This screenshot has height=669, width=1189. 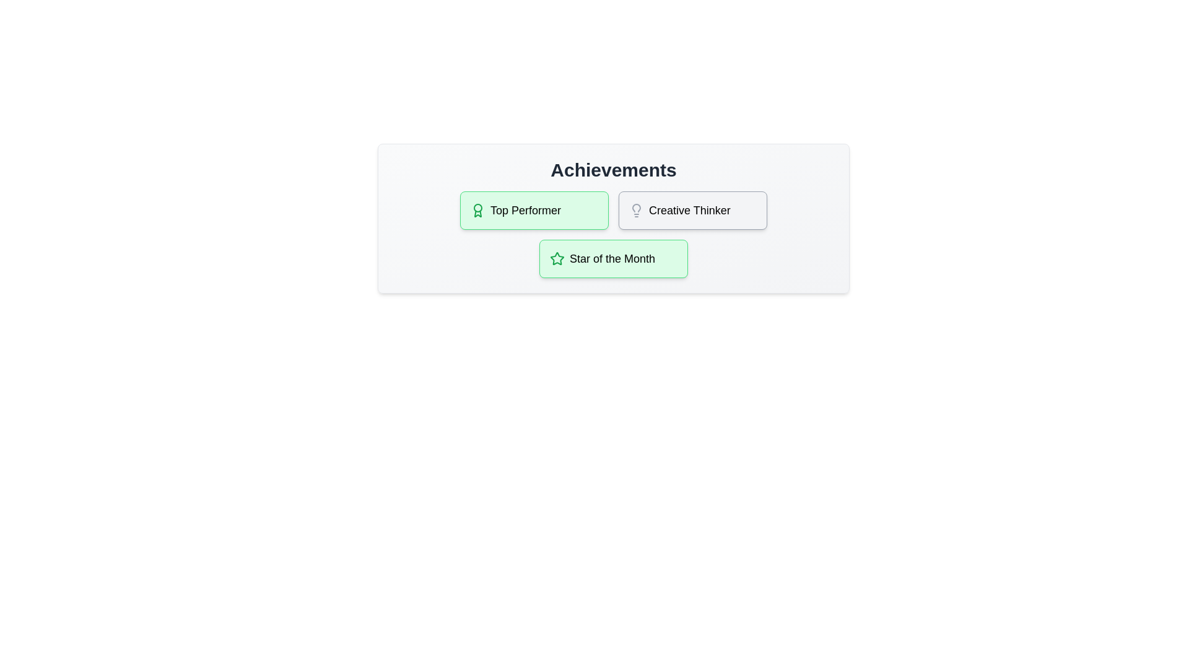 What do you see at coordinates (613, 218) in the screenshot?
I see `the list of achievements displayed in the component` at bounding box center [613, 218].